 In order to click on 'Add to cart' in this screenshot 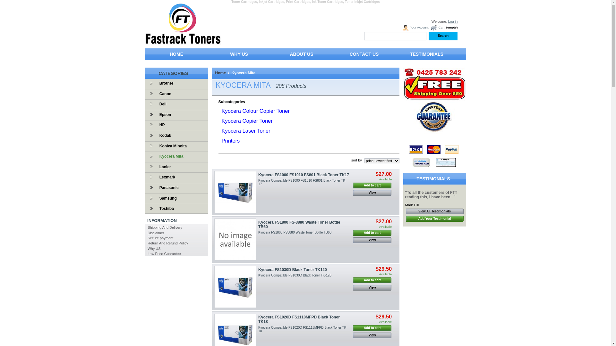, I will do `click(372, 280)`.